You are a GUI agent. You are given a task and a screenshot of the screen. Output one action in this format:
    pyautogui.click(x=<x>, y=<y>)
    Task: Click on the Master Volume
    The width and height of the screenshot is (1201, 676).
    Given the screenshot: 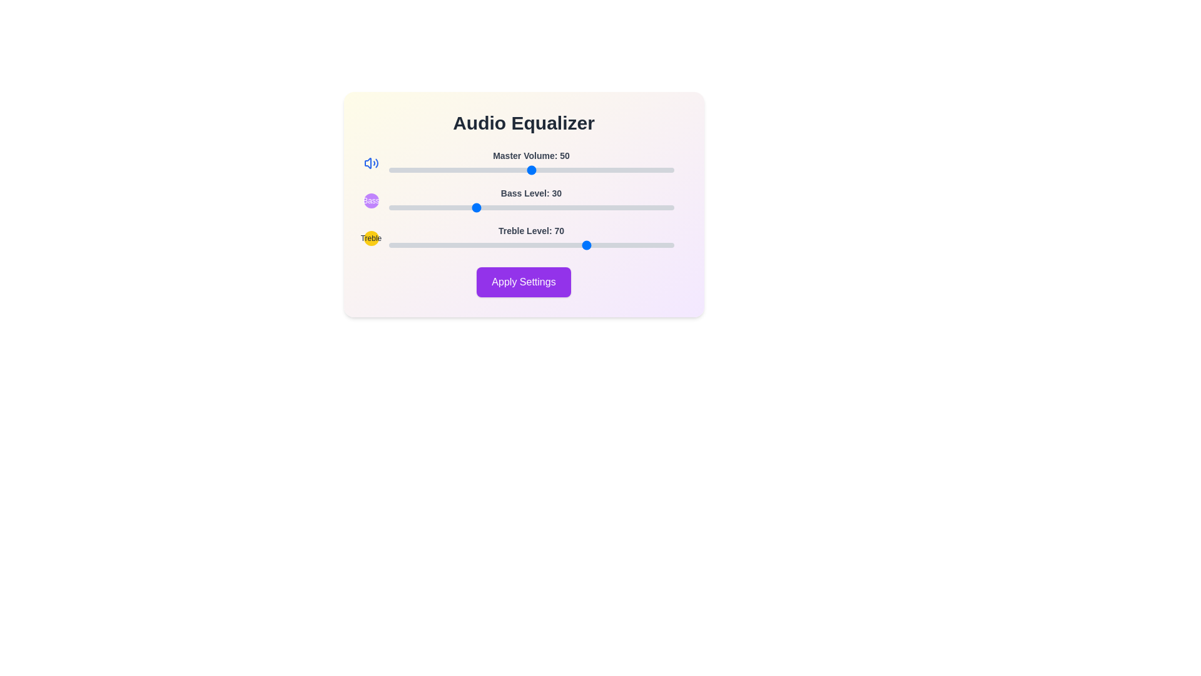 What is the action you would take?
    pyautogui.click(x=468, y=170)
    